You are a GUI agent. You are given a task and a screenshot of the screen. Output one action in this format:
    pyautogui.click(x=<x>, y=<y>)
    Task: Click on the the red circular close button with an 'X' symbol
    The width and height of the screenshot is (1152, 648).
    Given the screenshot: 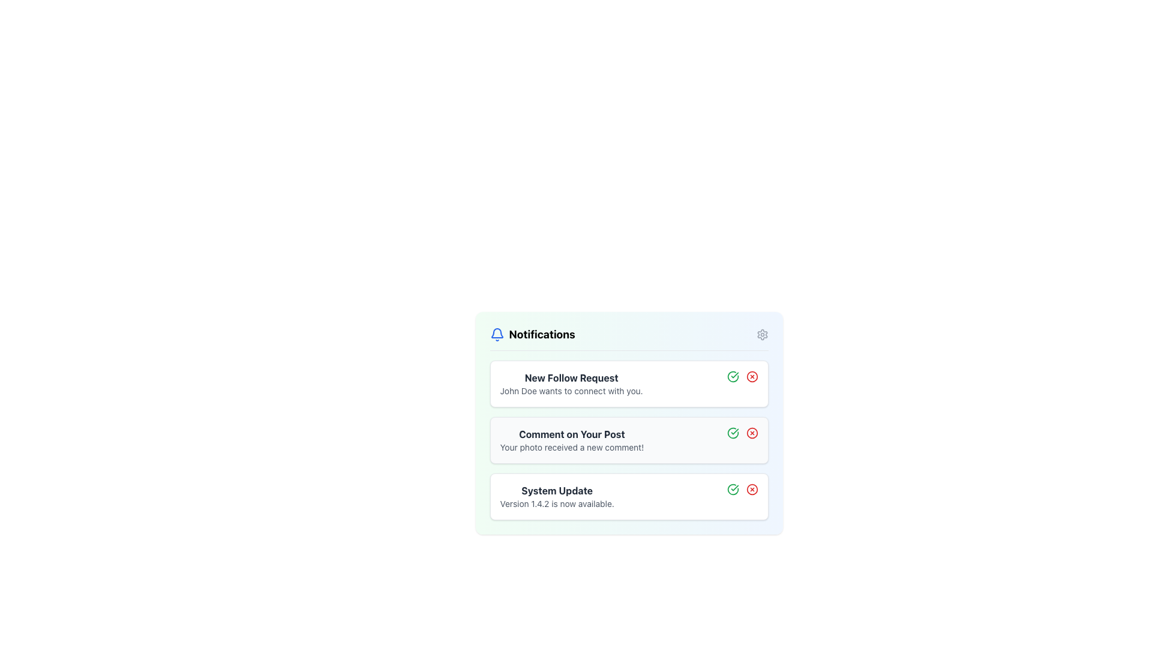 What is the action you would take?
    pyautogui.click(x=751, y=433)
    